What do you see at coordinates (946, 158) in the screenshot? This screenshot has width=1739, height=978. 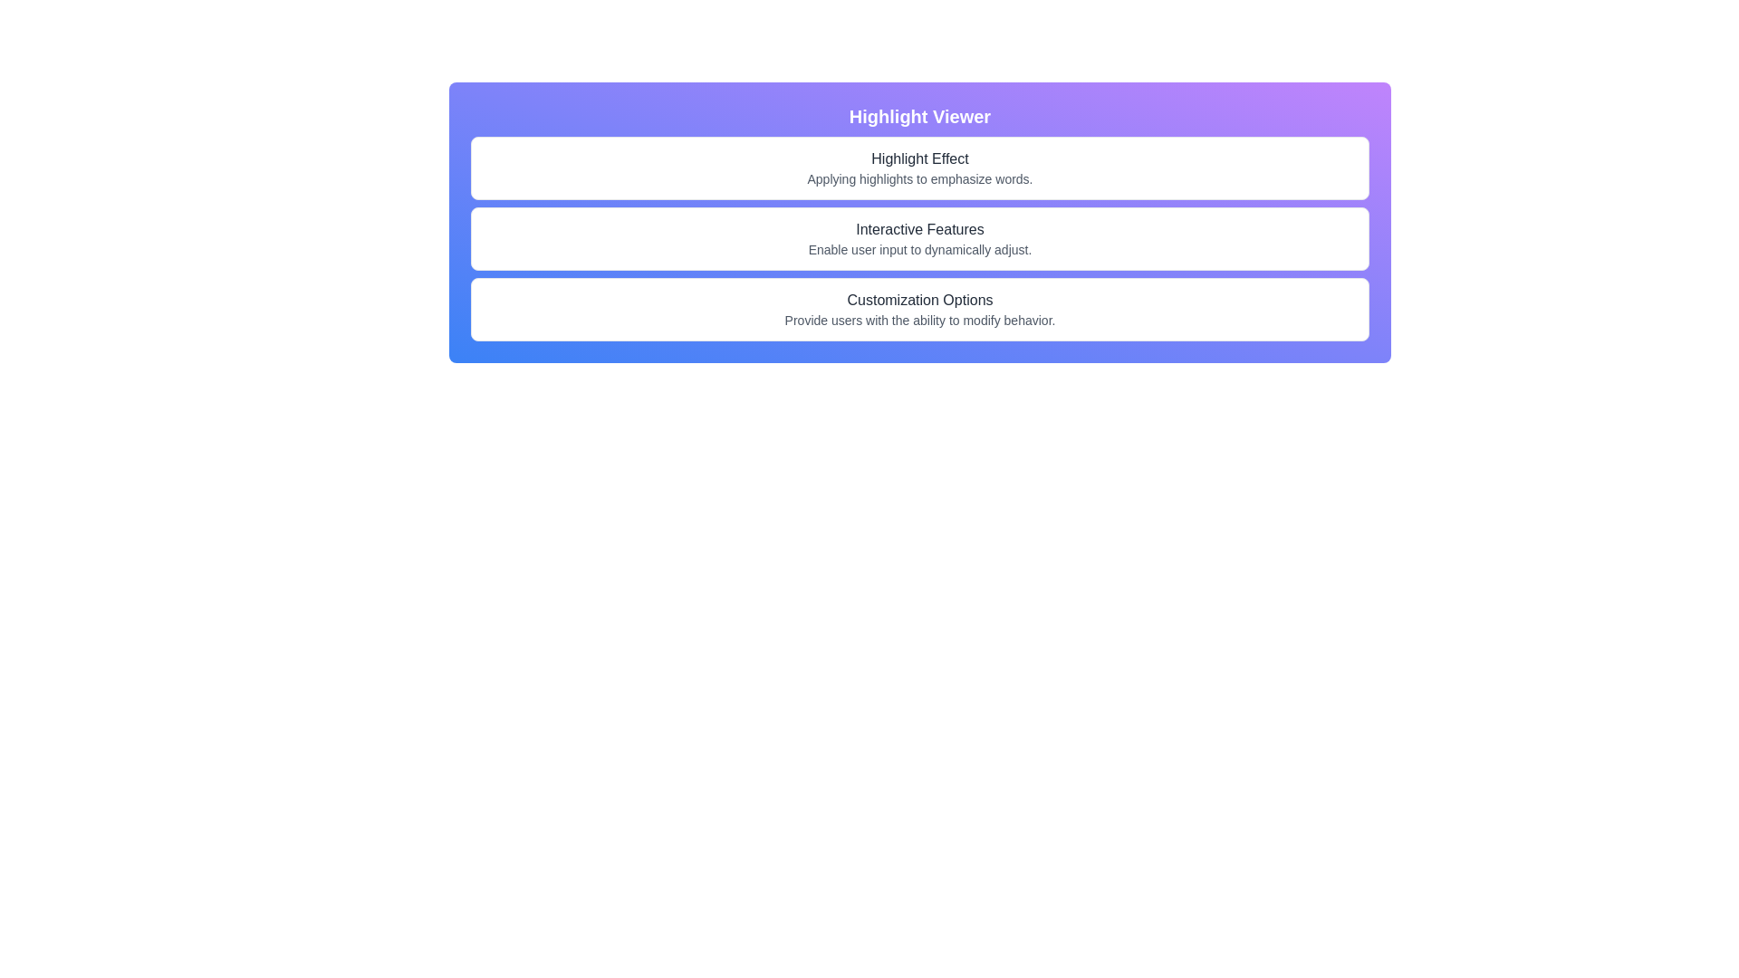 I see `the lowercase letter 'f' in the word 'Effect' within the phrase 'Highlight Effect', which is located under the title 'Highlight Viewer'` at bounding box center [946, 158].